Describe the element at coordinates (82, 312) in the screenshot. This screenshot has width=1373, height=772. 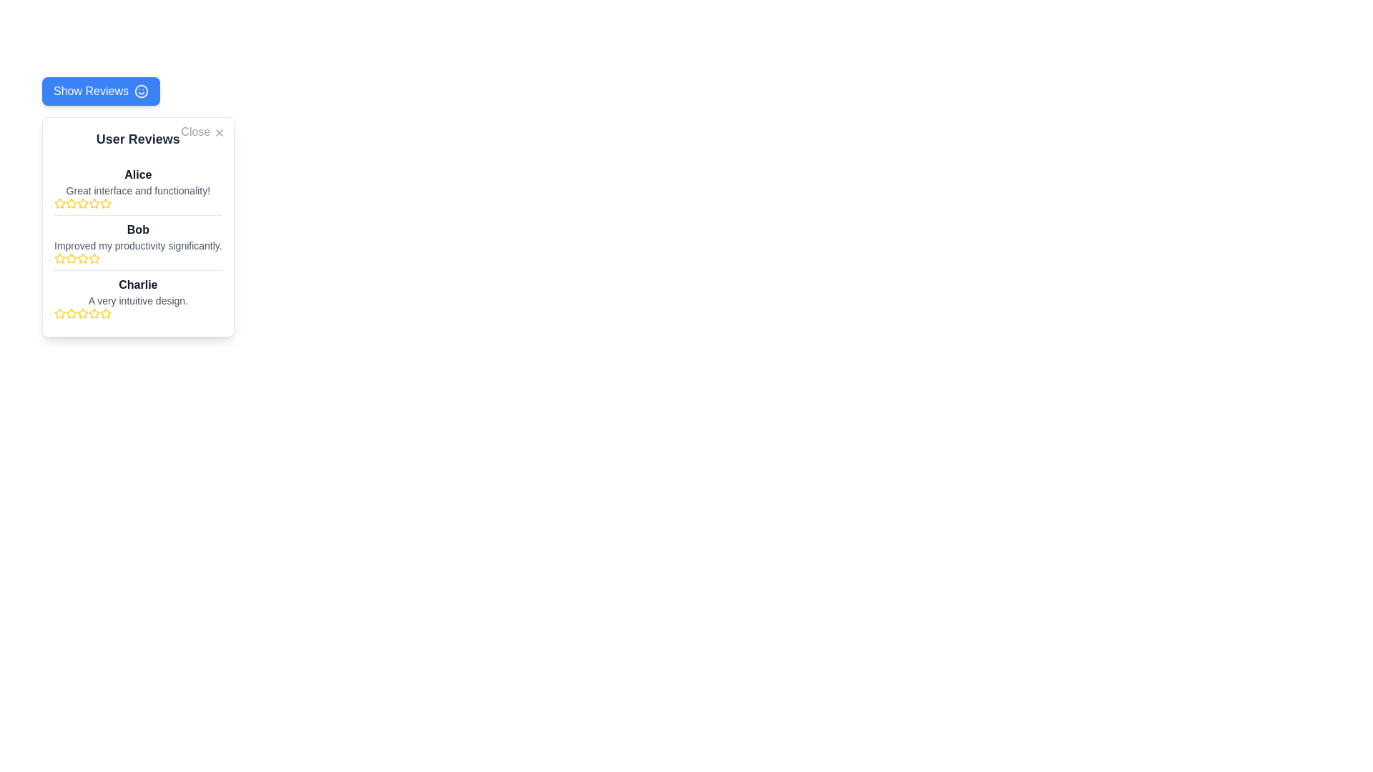
I see `the third yellow star icon in the User Reviews section for Charlie to rate his review` at that location.